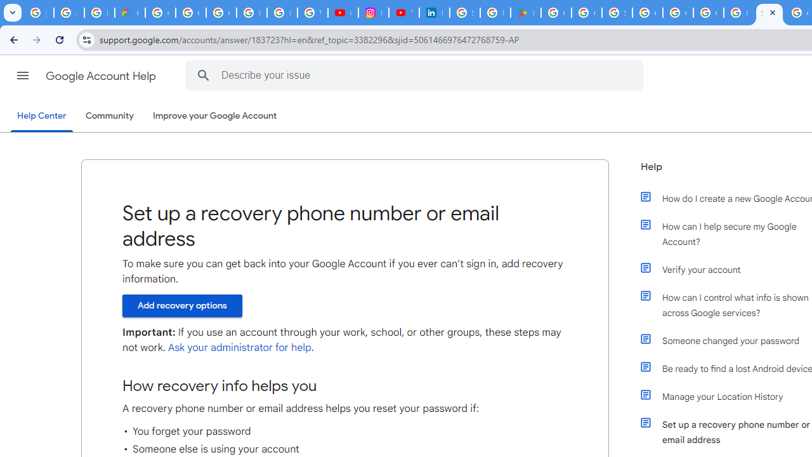  Describe the element at coordinates (403, 13) in the screenshot. I see `'YouTube Culture & Trends - On The Rise: Handcam Videos'` at that location.